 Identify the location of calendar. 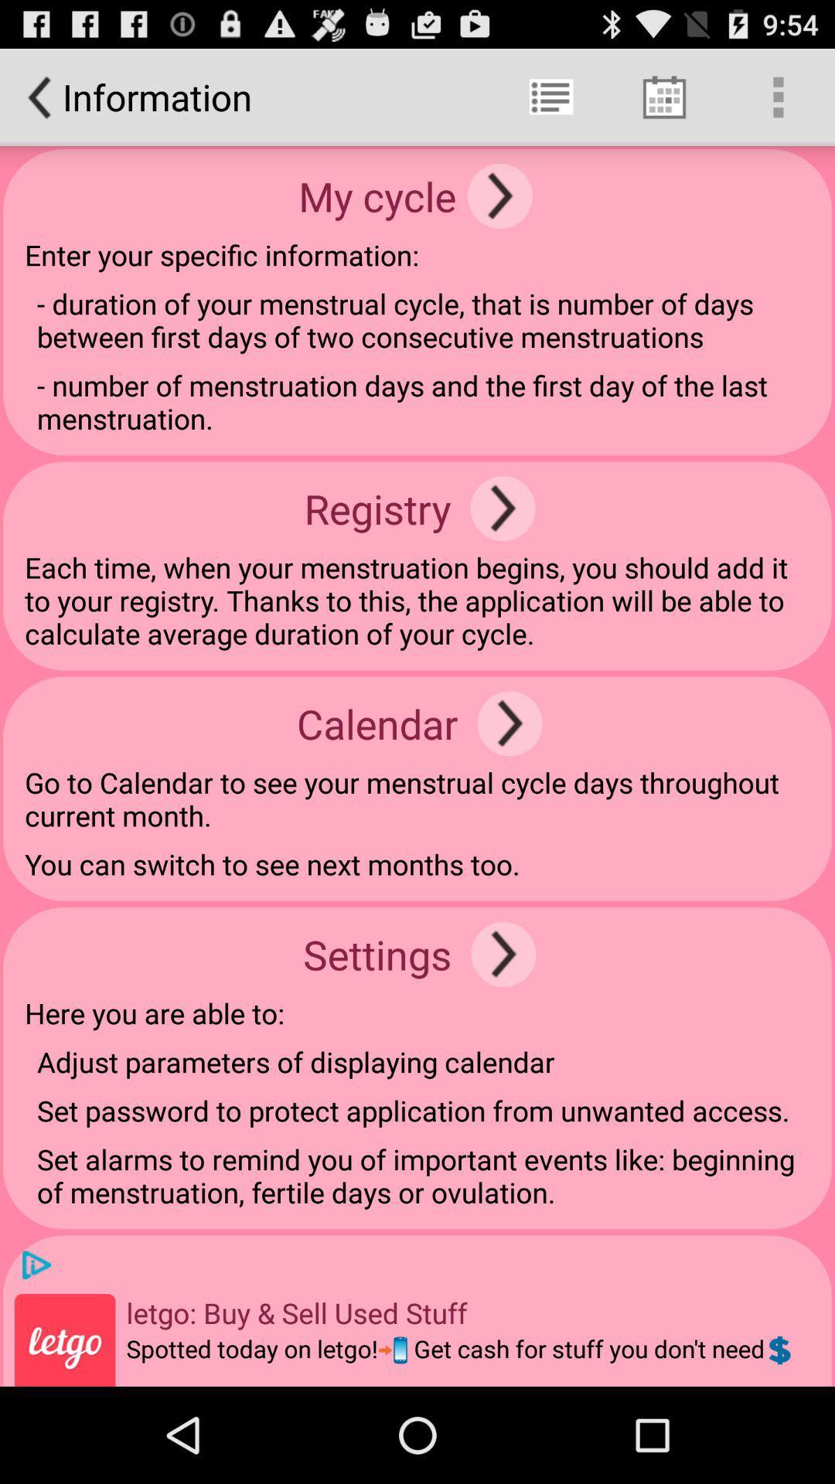
(510, 723).